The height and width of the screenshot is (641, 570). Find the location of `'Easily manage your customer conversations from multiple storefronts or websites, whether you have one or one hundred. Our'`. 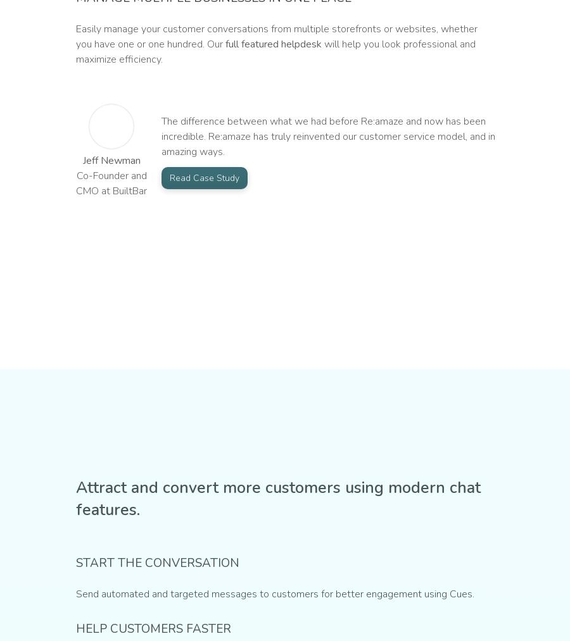

'Easily manage your customer conversations from multiple storefronts or websites, whether you have one or one hundred. Our' is located at coordinates (277, 35).